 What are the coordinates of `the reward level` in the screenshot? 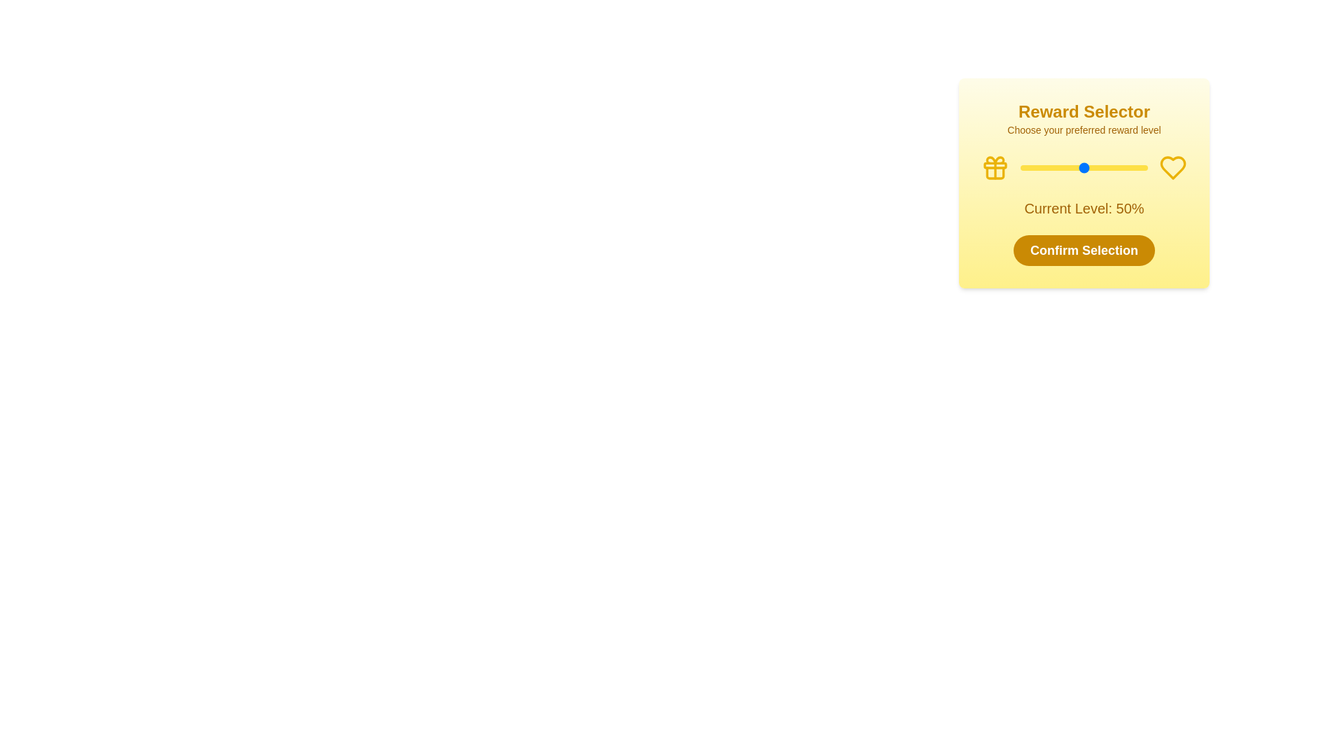 It's located at (1115, 167).